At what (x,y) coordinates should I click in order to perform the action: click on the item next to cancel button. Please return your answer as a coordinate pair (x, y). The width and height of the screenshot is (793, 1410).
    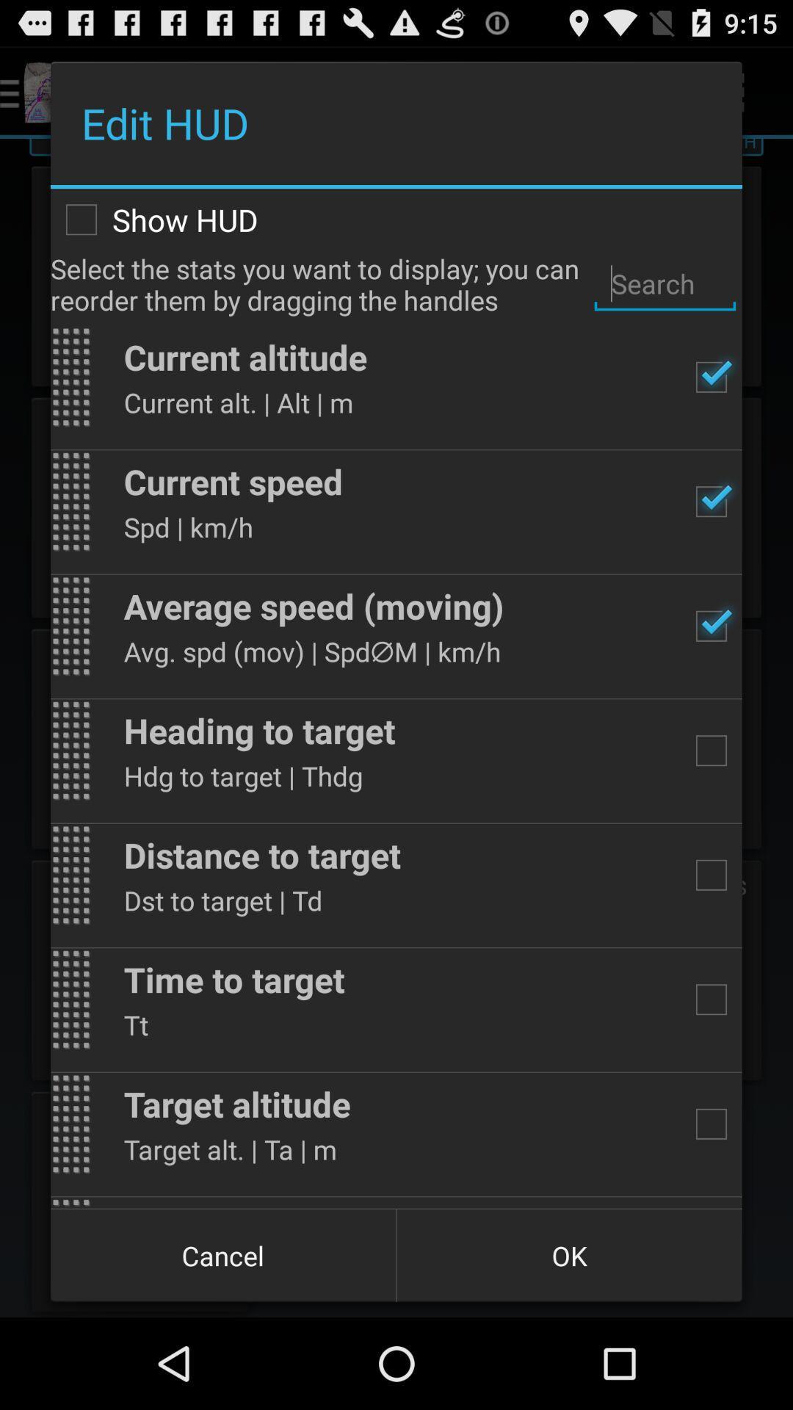
    Looking at the image, I should click on (568, 1254).